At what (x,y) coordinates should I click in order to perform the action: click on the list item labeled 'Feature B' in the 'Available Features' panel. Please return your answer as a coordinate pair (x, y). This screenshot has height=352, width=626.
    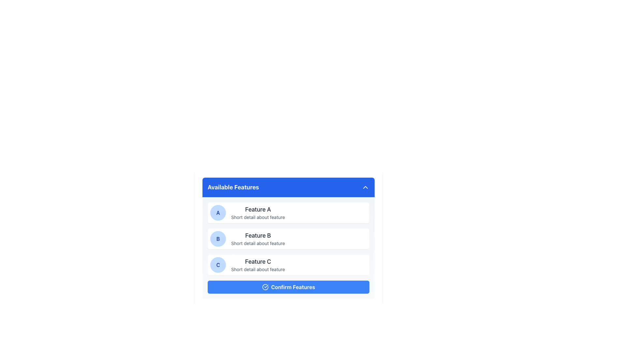
    Looking at the image, I should click on (288, 238).